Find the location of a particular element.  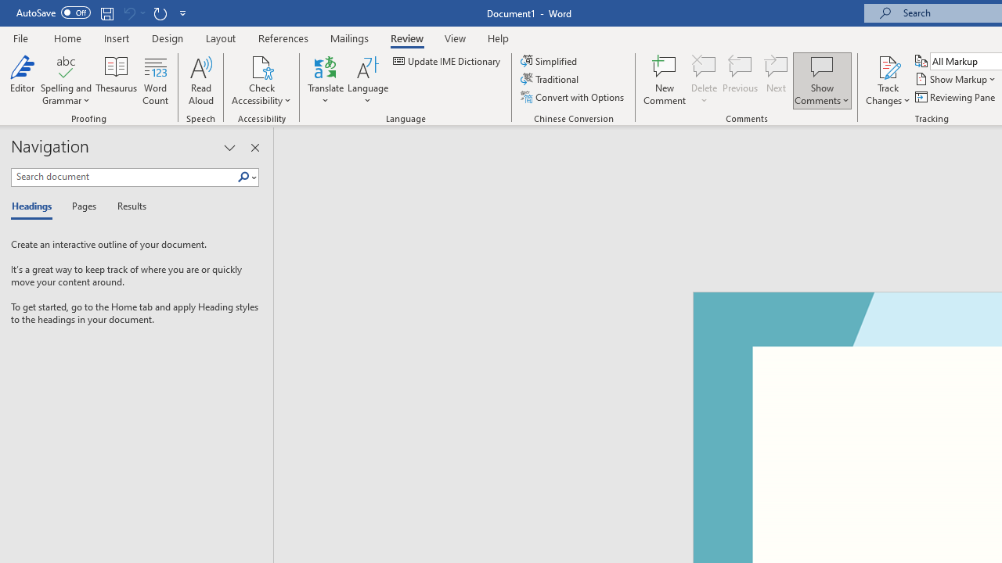

'Results' is located at coordinates (126, 206).